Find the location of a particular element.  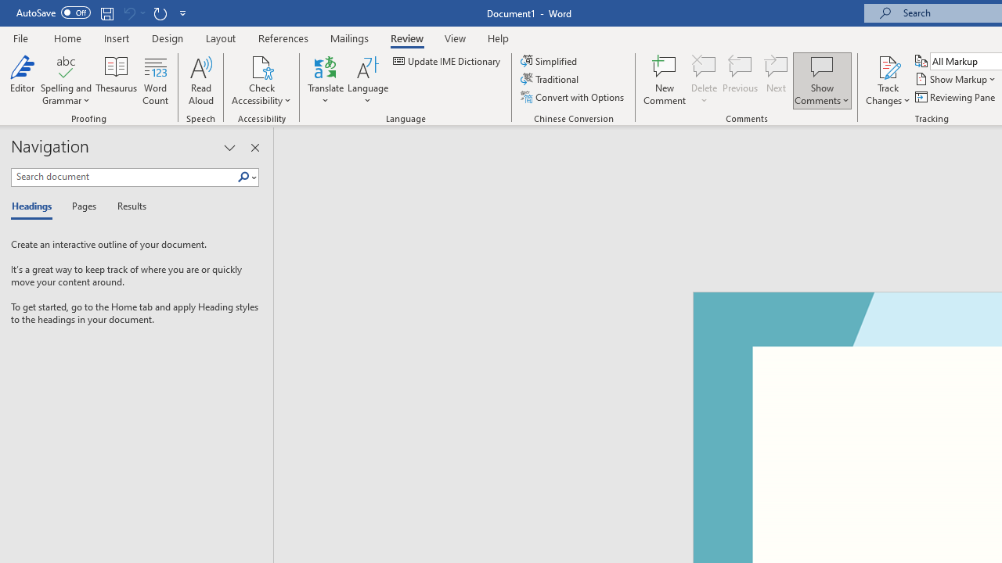

'Results' is located at coordinates (126, 206).